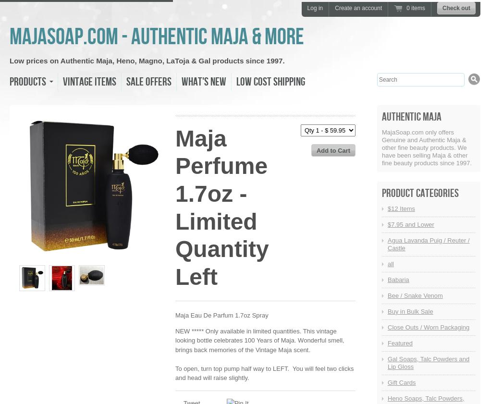 Image resolution: width=490 pixels, height=404 pixels. Describe the element at coordinates (221, 207) in the screenshot. I see `'Maja Perfume 1.7oz - Limited Quantity Left'` at that location.